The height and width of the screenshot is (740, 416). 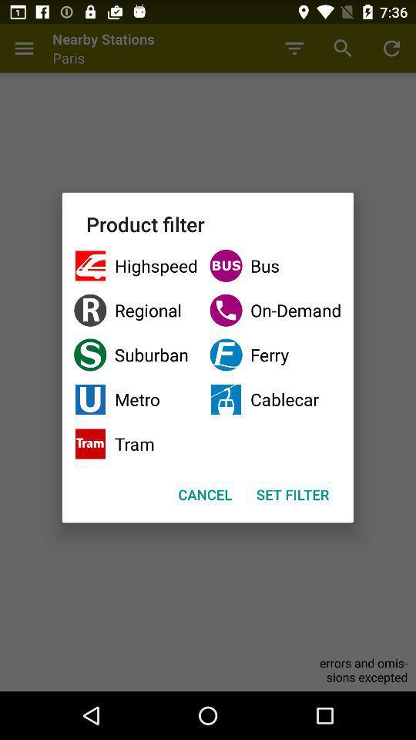 I want to click on icon below the product filter item, so click(x=136, y=266).